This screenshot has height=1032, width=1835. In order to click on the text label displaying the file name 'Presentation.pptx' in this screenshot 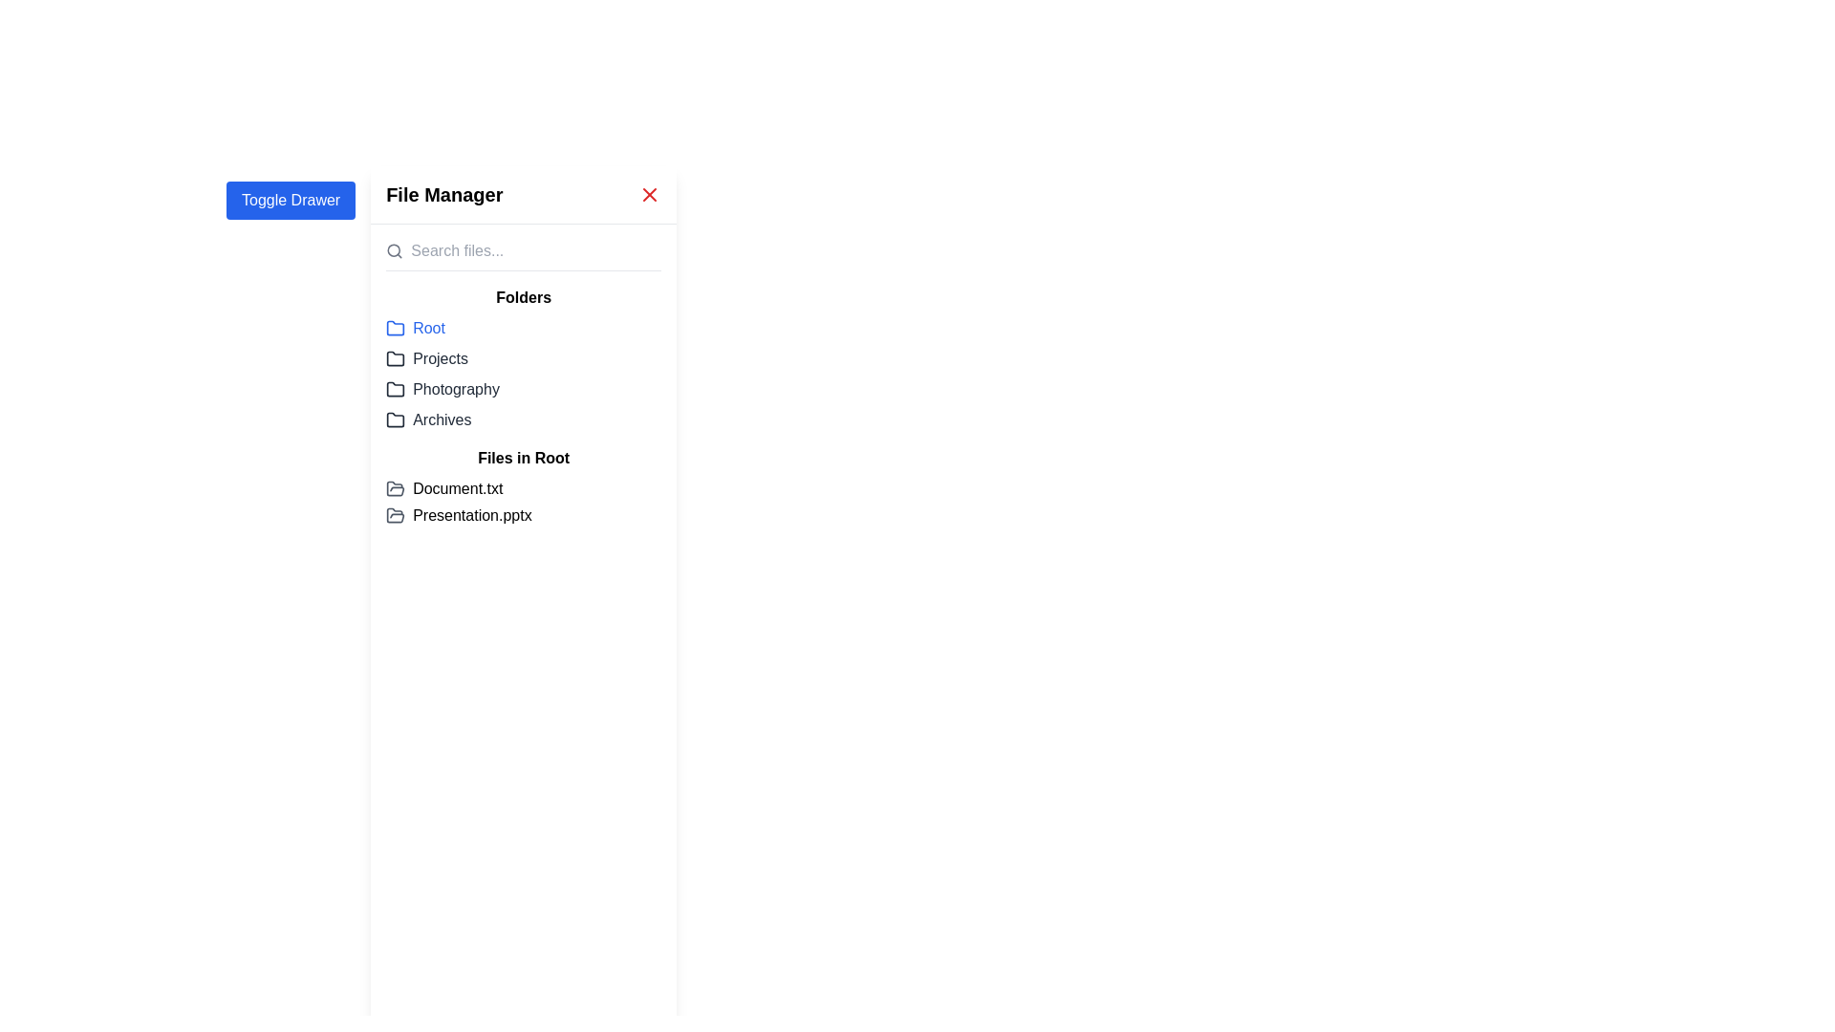, I will do `click(472, 516)`.